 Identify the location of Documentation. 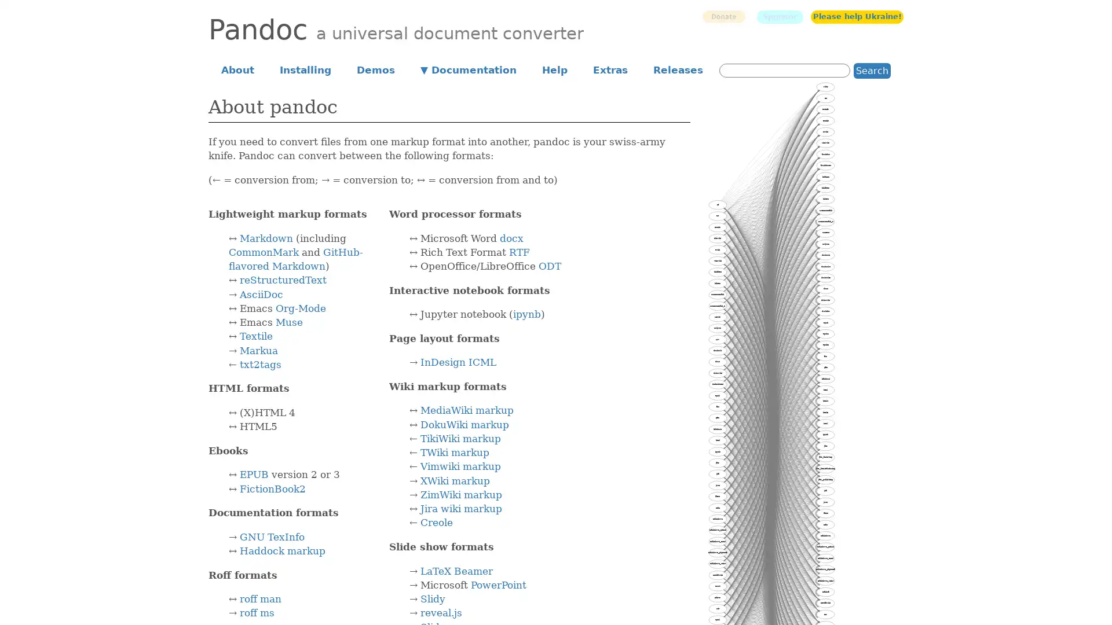
(469, 69).